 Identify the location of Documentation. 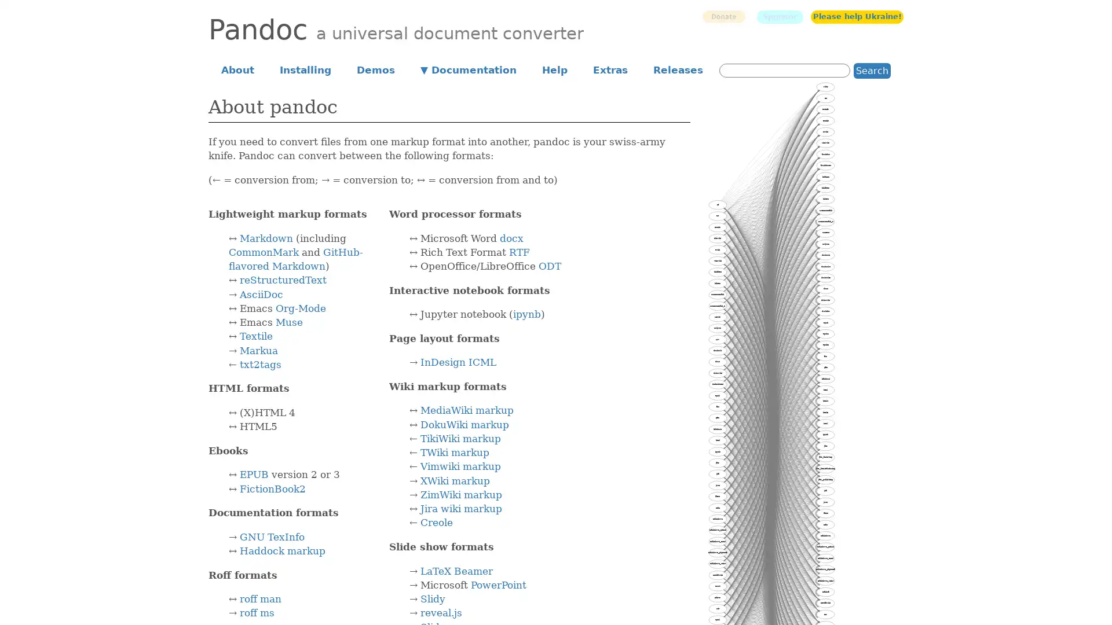
(469, 69).